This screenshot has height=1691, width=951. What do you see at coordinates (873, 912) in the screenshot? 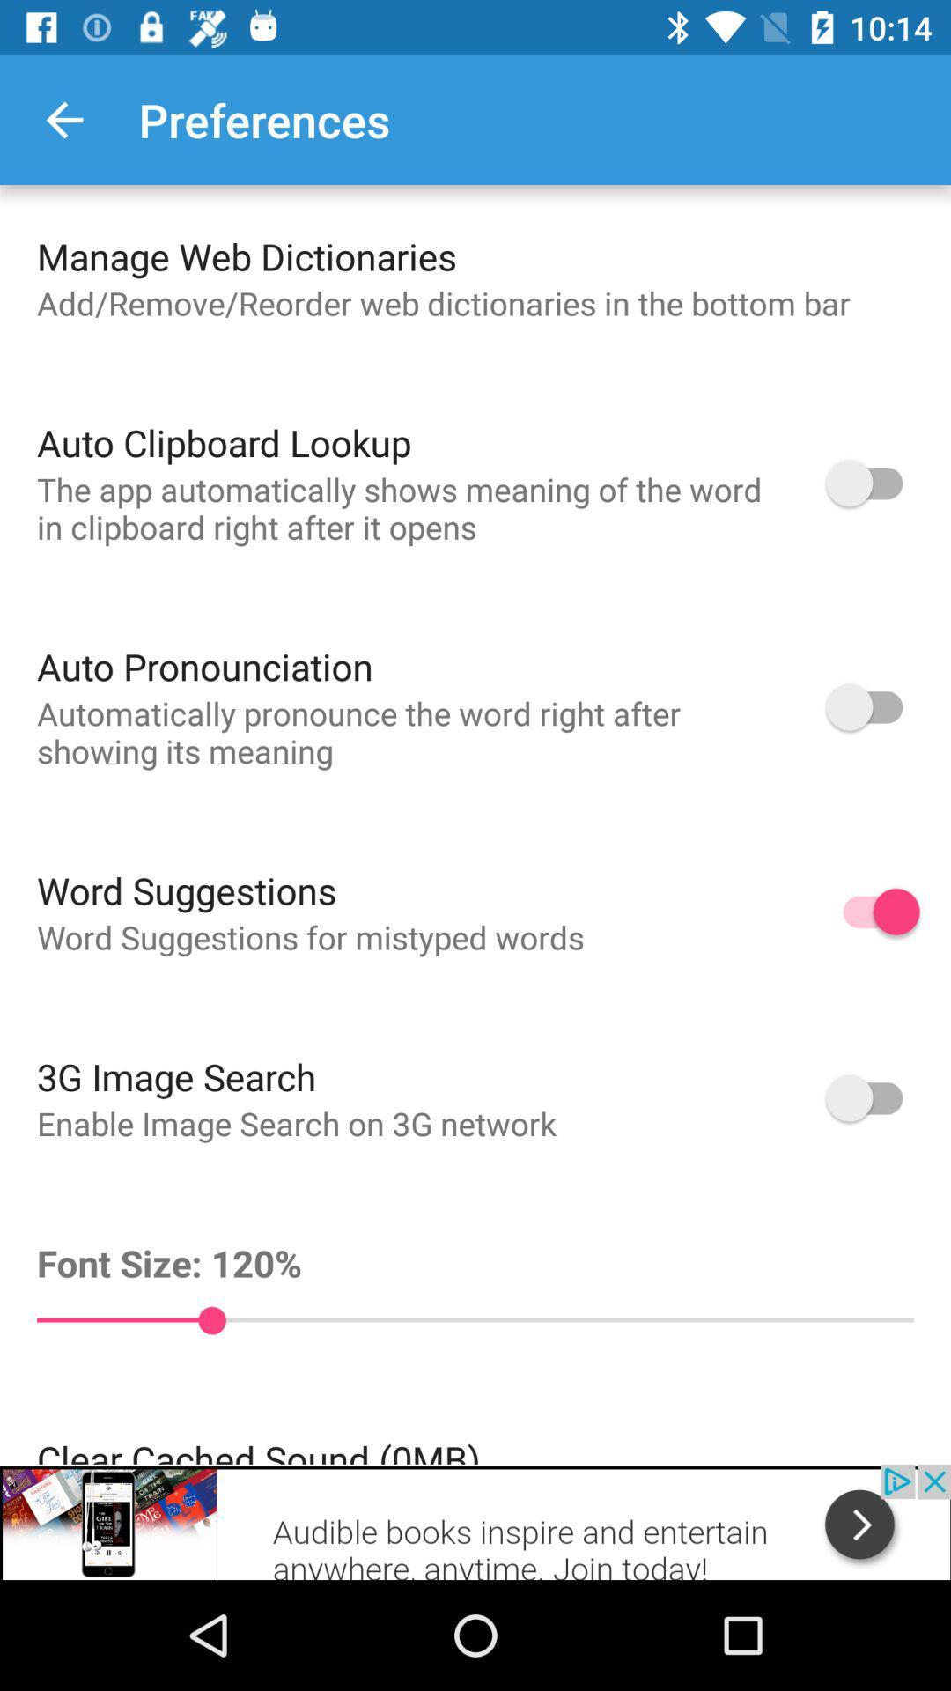
I see `enable word suggetions option` at bounding box center [873, 912].